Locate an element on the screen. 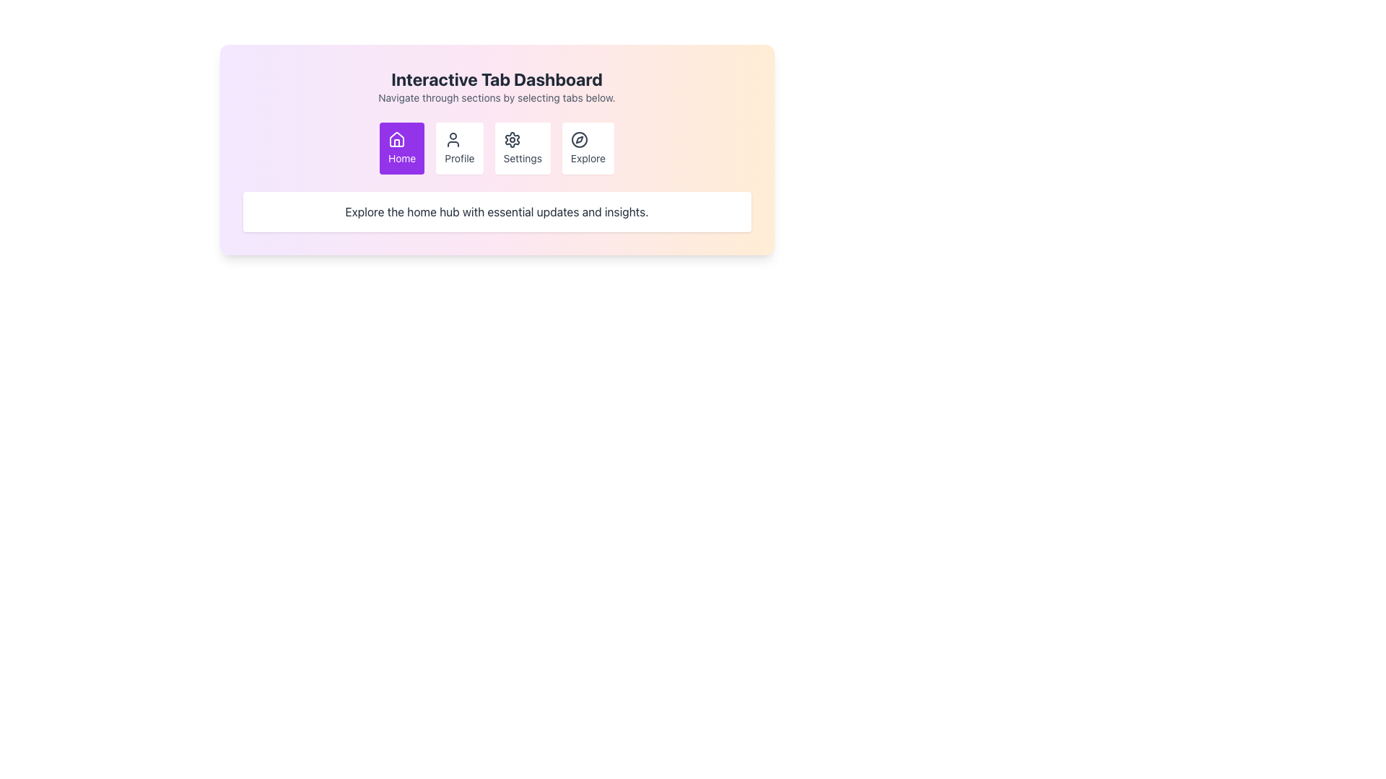 Image resolution: width=1386 pixels, height=779 pixels. the 'Settings' button is located at coordinates (522, 148).